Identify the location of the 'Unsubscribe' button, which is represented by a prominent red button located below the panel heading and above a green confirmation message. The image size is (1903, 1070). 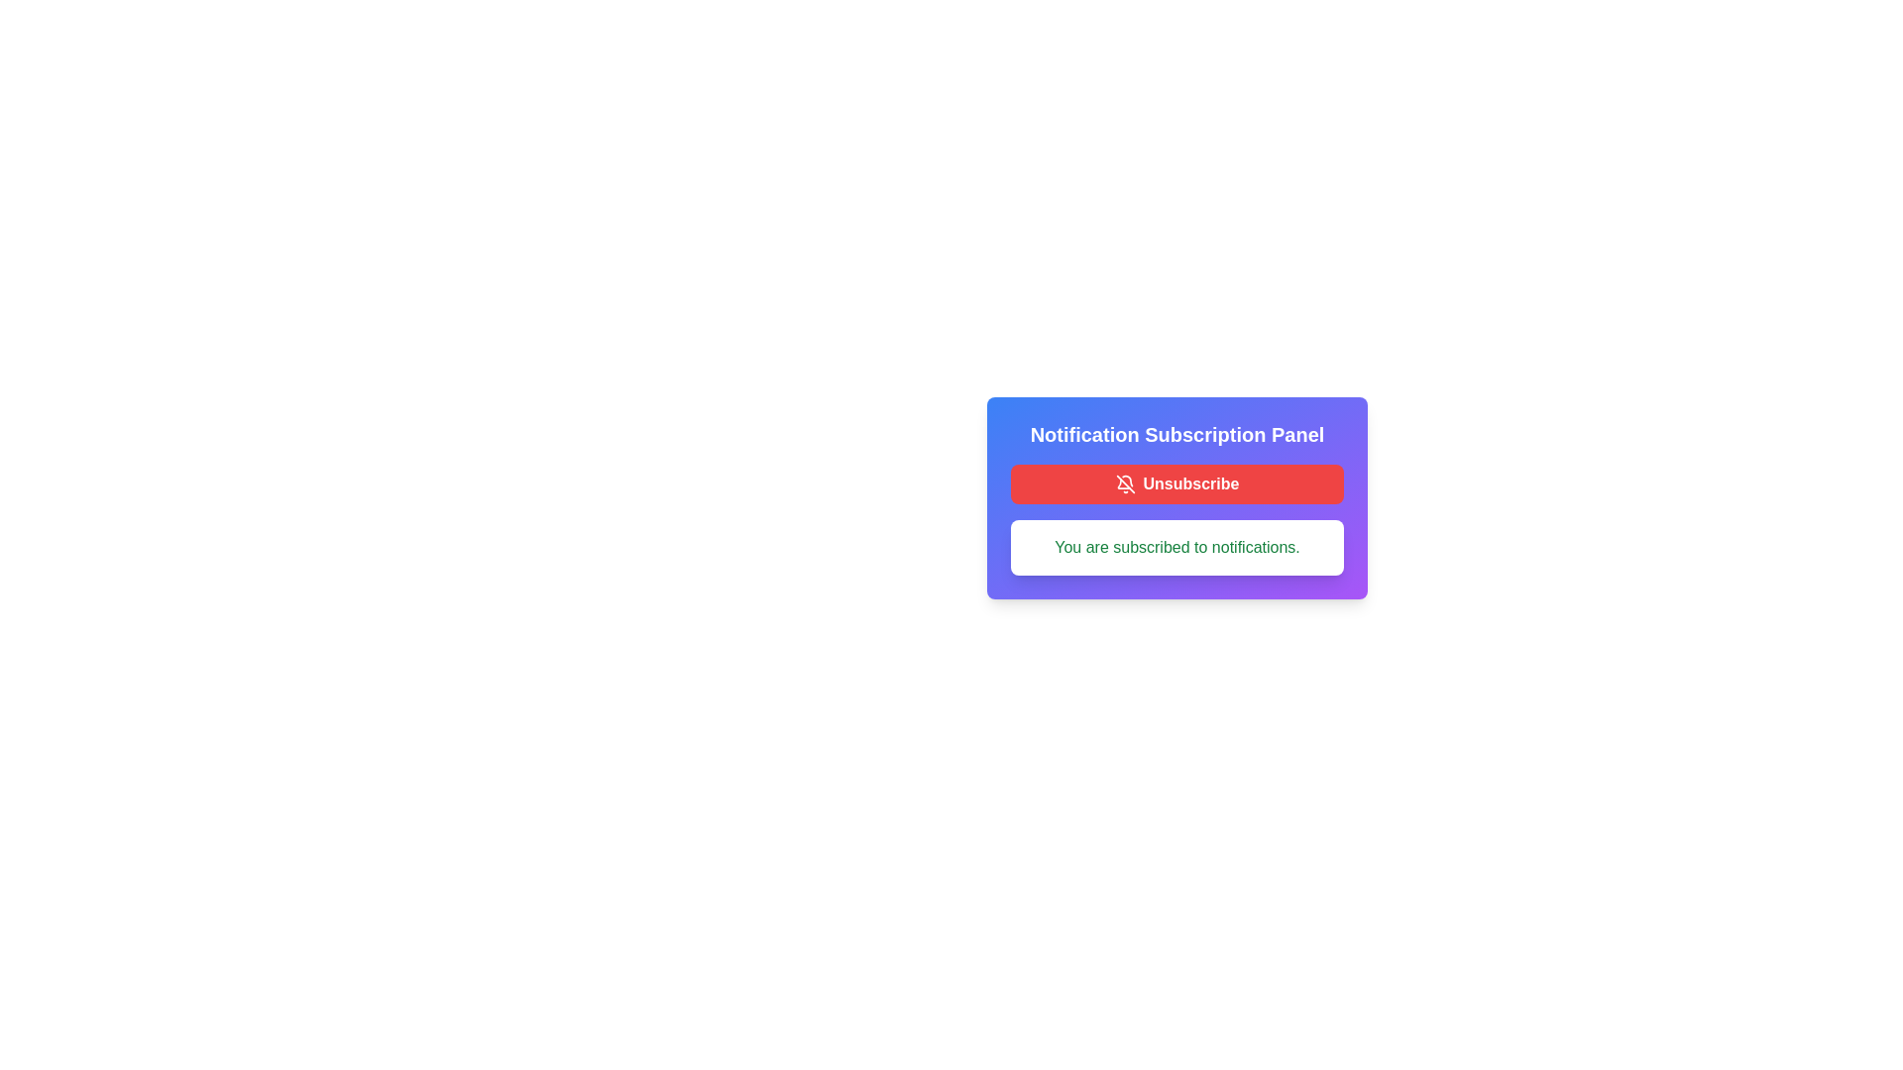
(1125, 484).